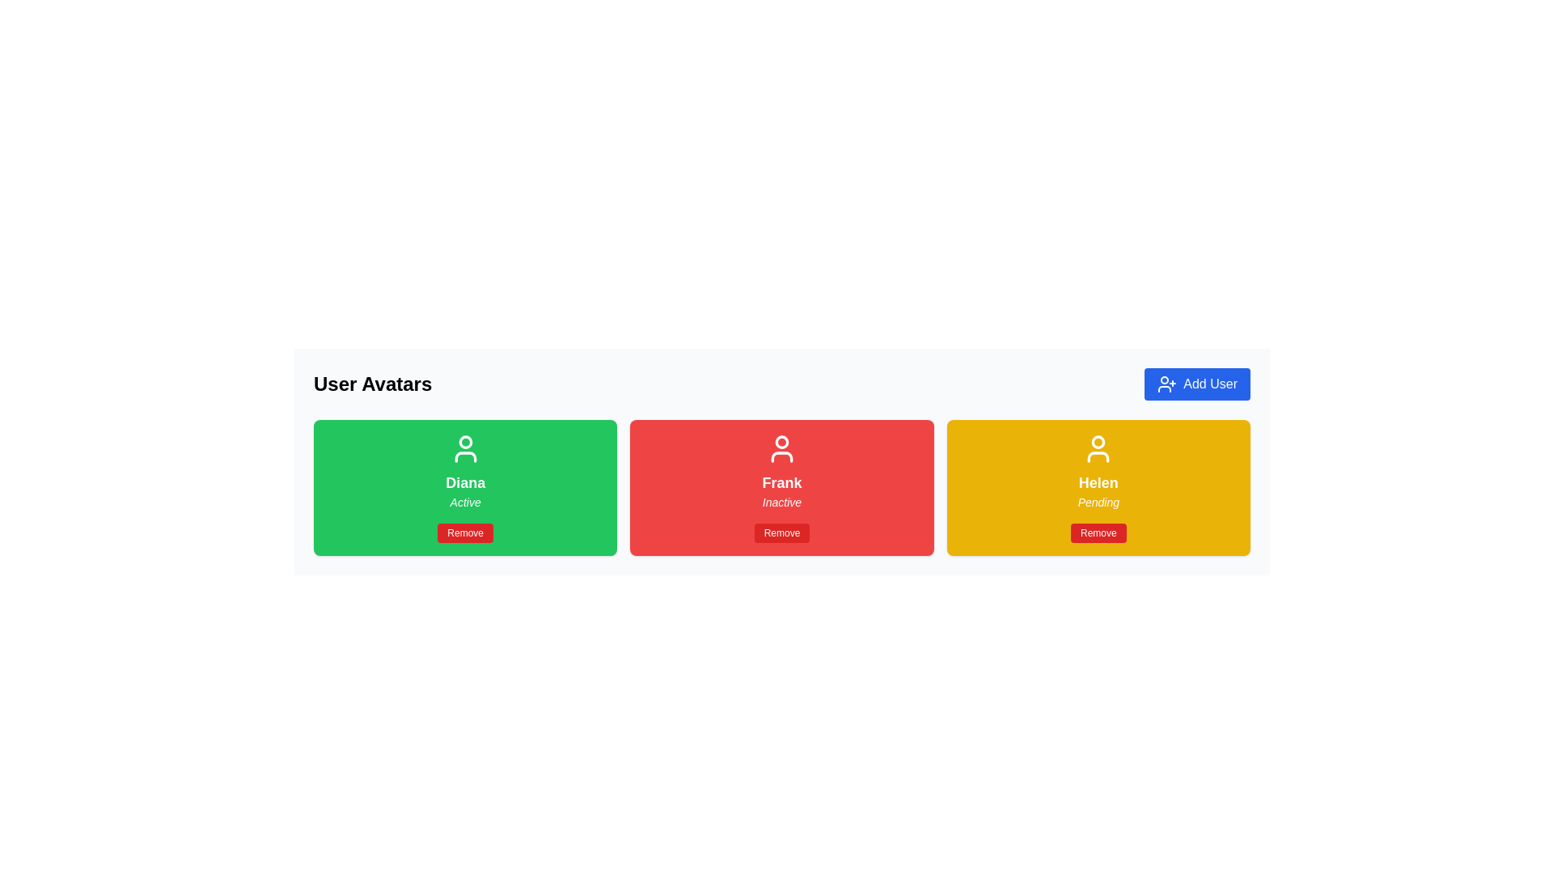  I want to click on the user's name displayed in the third user information card, which is centrally located within a yellow card, positioned below an icon and above the italic text 'Pending', so click(1098, 482).